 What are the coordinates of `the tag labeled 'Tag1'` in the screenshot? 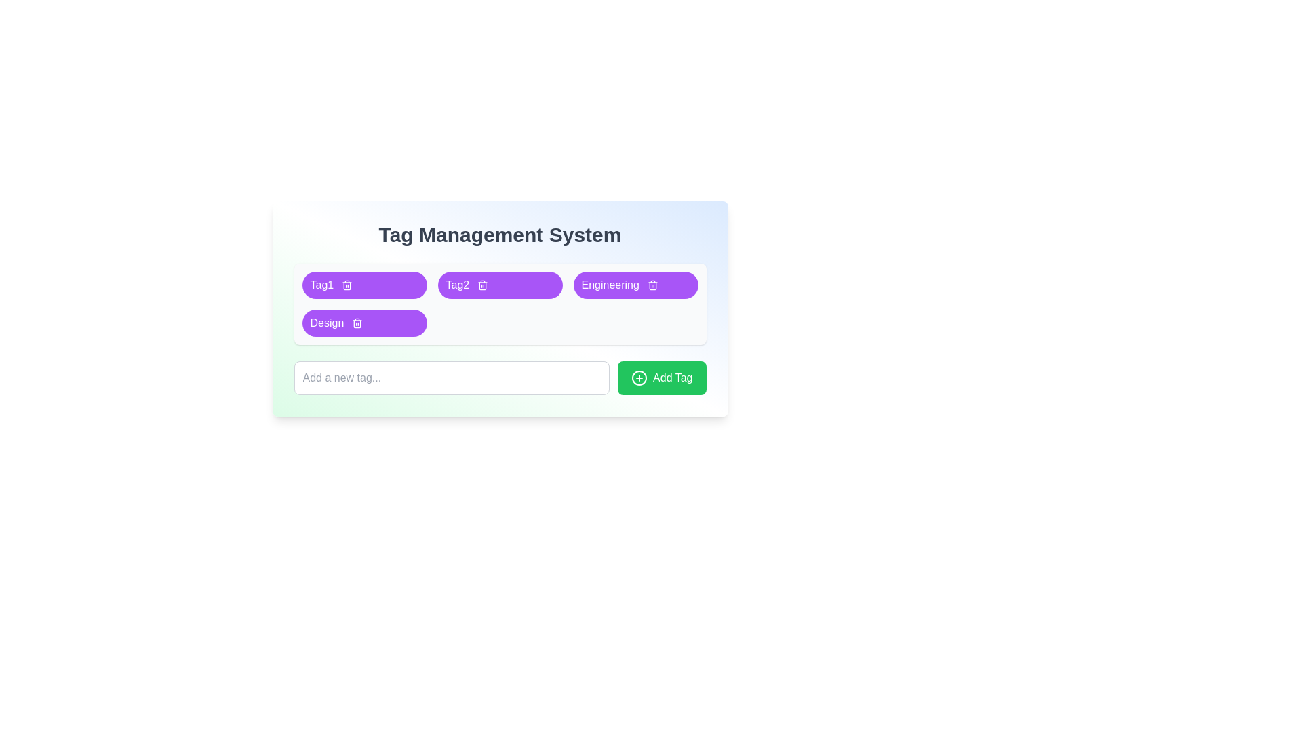 It's located at (364, 284).